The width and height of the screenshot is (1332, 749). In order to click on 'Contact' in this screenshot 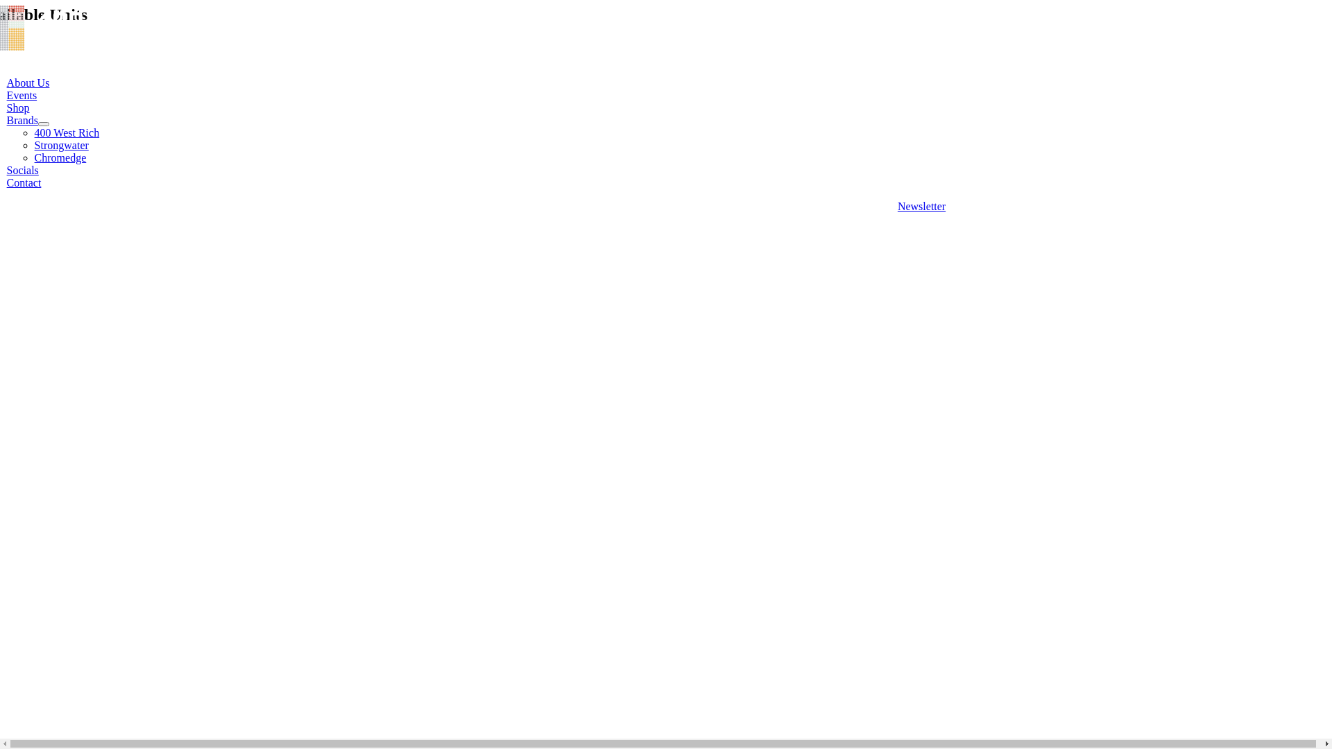, I will do `click(24, 182)`.